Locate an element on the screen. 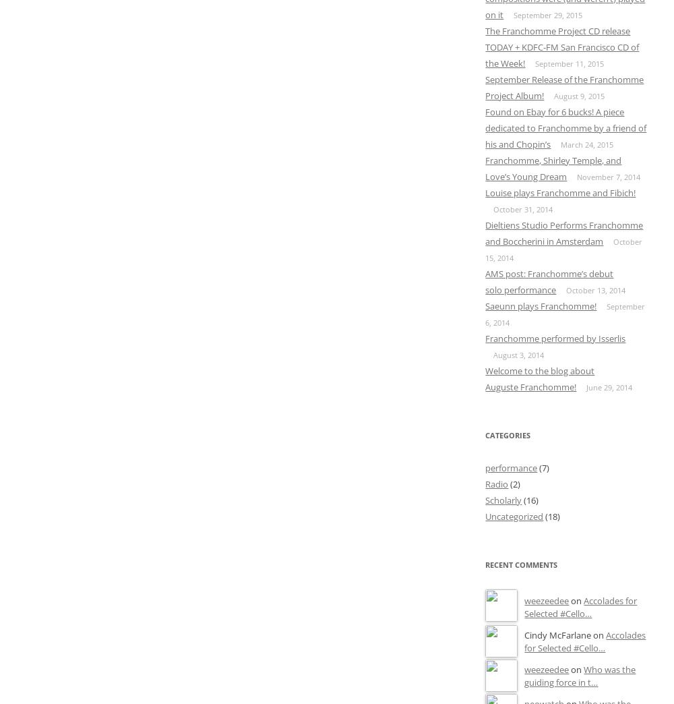 This screenshot has width=674, height=704. 'Categories' is located at coordinates (508, 434).